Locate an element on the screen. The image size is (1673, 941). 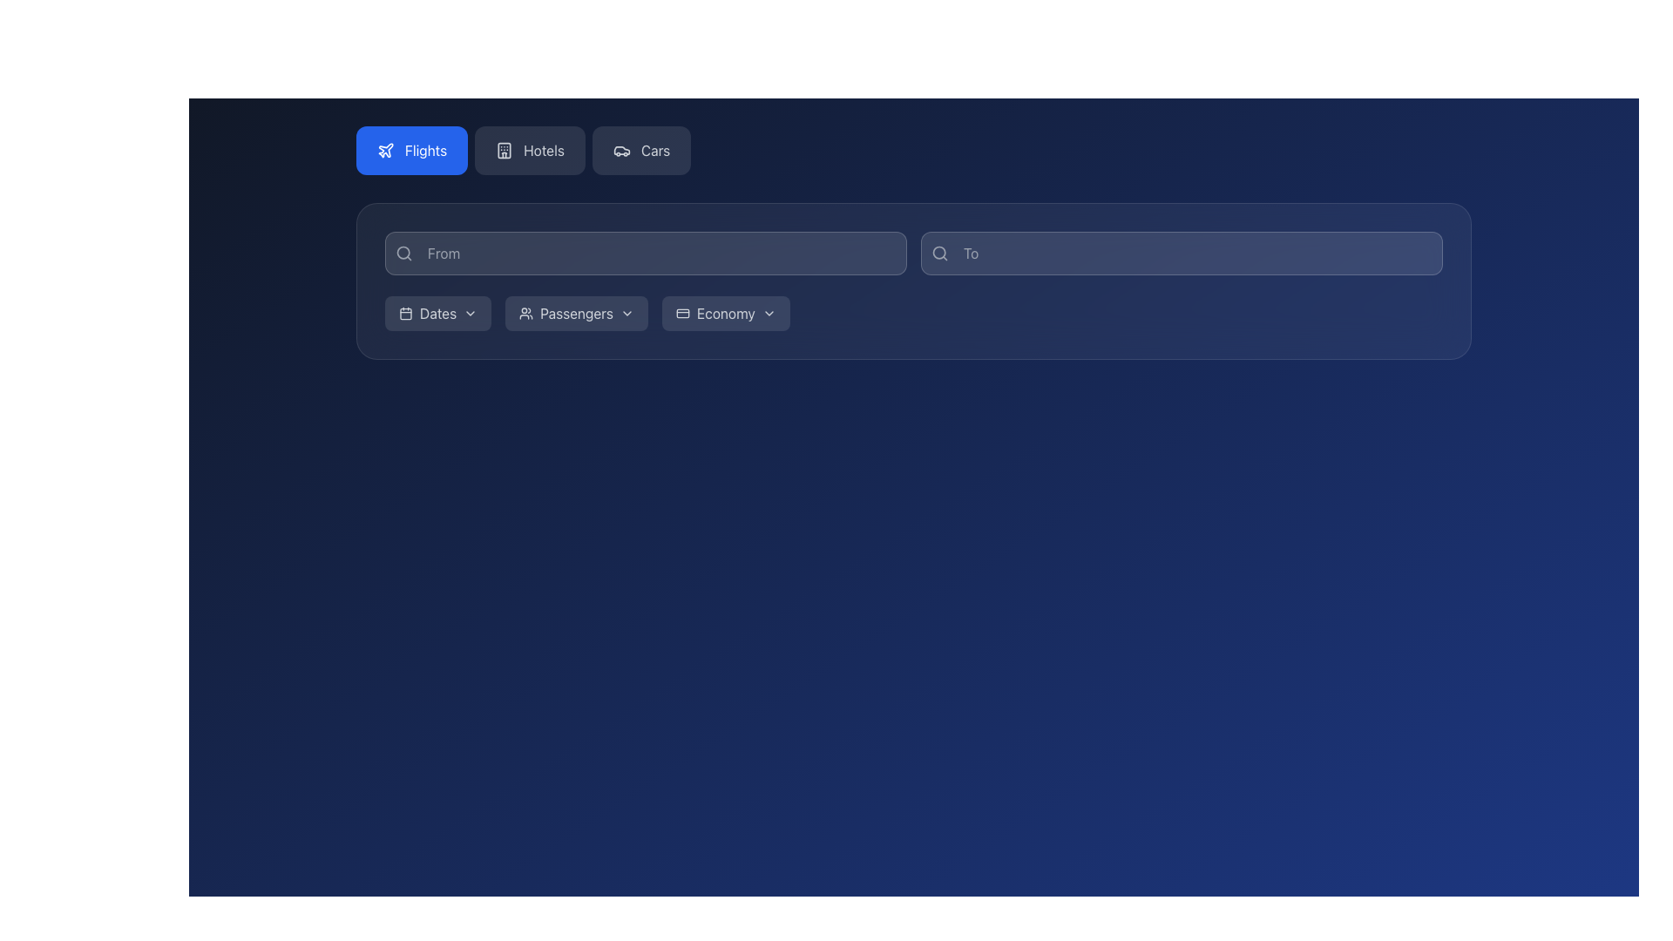
the downward-pointing chevron icon, which indicates a dropdown menu next to the 'Economy' label, located in the bottom-right portion of the search input section is located at coordinates (768, 312).